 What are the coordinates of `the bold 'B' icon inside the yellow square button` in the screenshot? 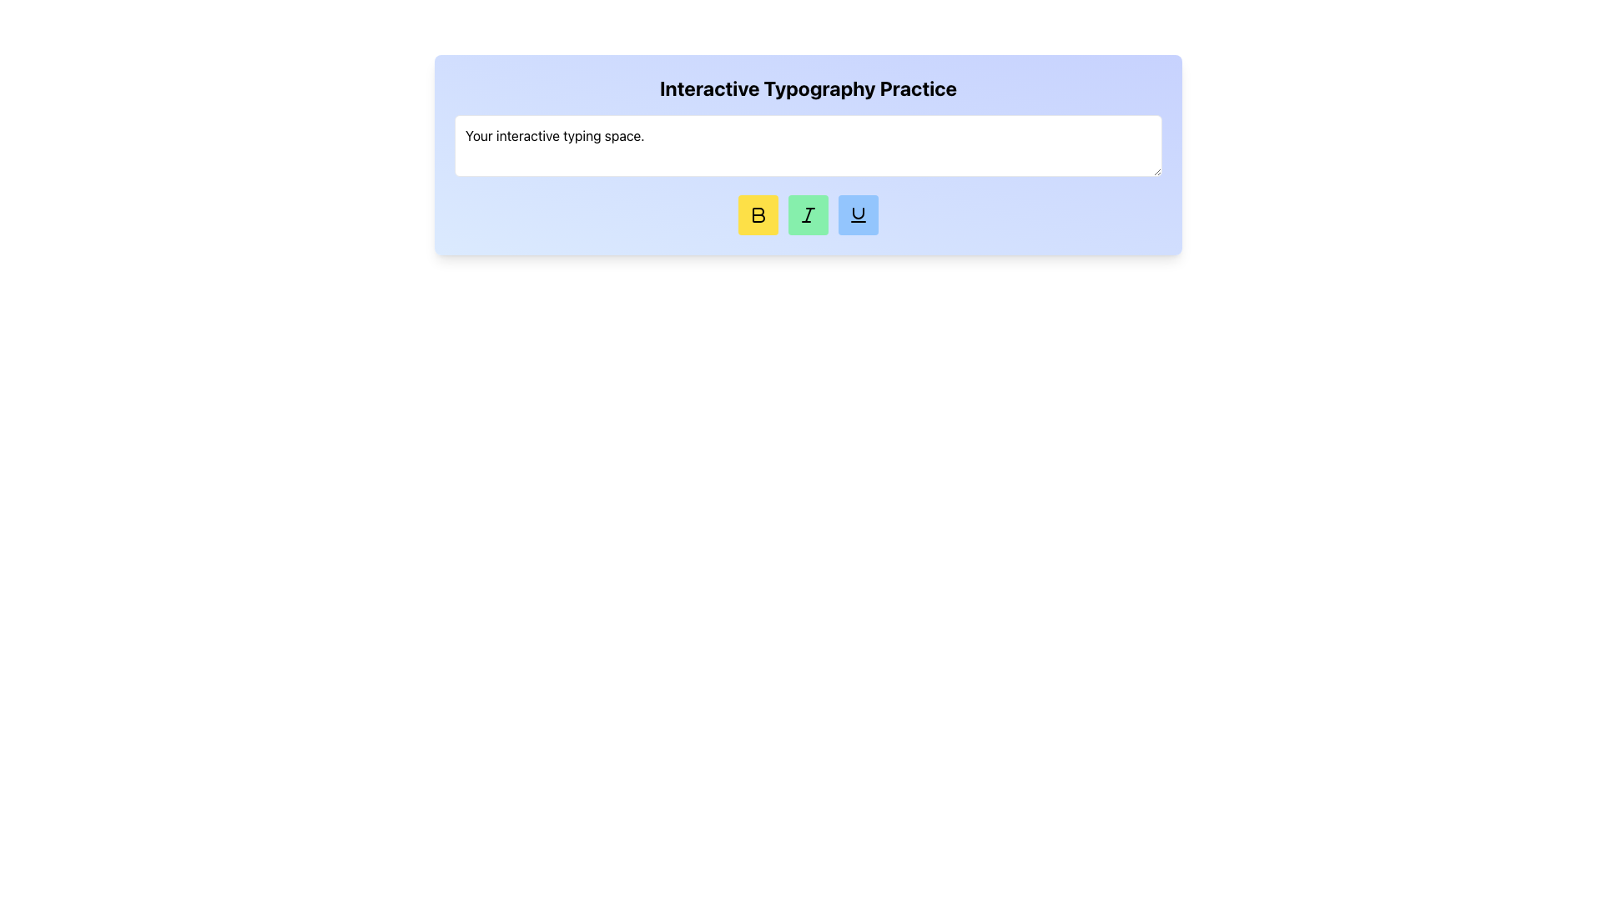 It's located at (758, 214).